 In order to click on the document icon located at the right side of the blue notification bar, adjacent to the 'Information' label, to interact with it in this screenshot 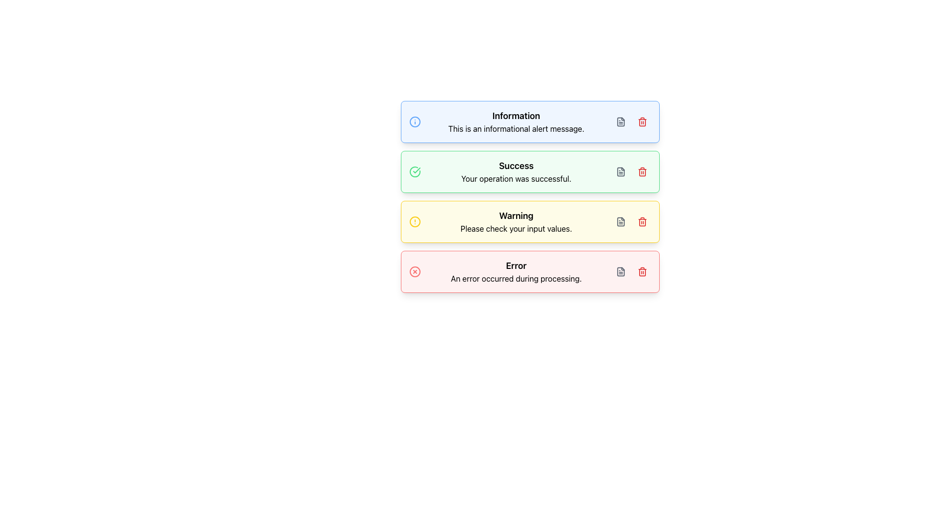, I will do `click(620, 121)`.